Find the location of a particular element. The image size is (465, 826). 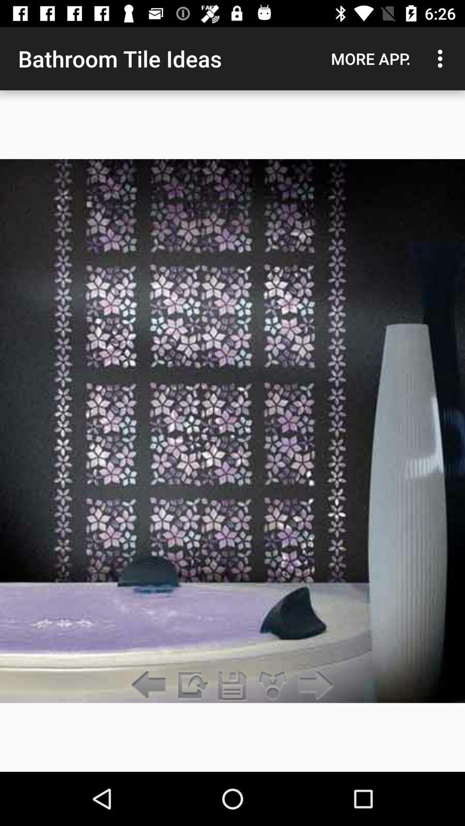

previous page is located at coordinates (151, 685).